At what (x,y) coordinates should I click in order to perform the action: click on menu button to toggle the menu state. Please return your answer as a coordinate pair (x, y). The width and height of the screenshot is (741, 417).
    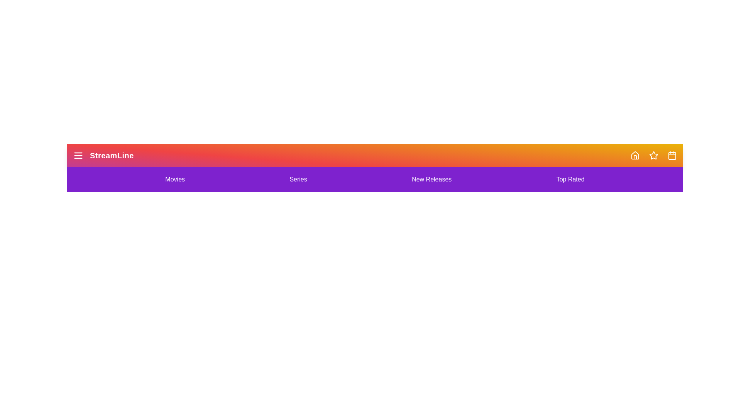
    Looking at the image, I should click on (78, 155).